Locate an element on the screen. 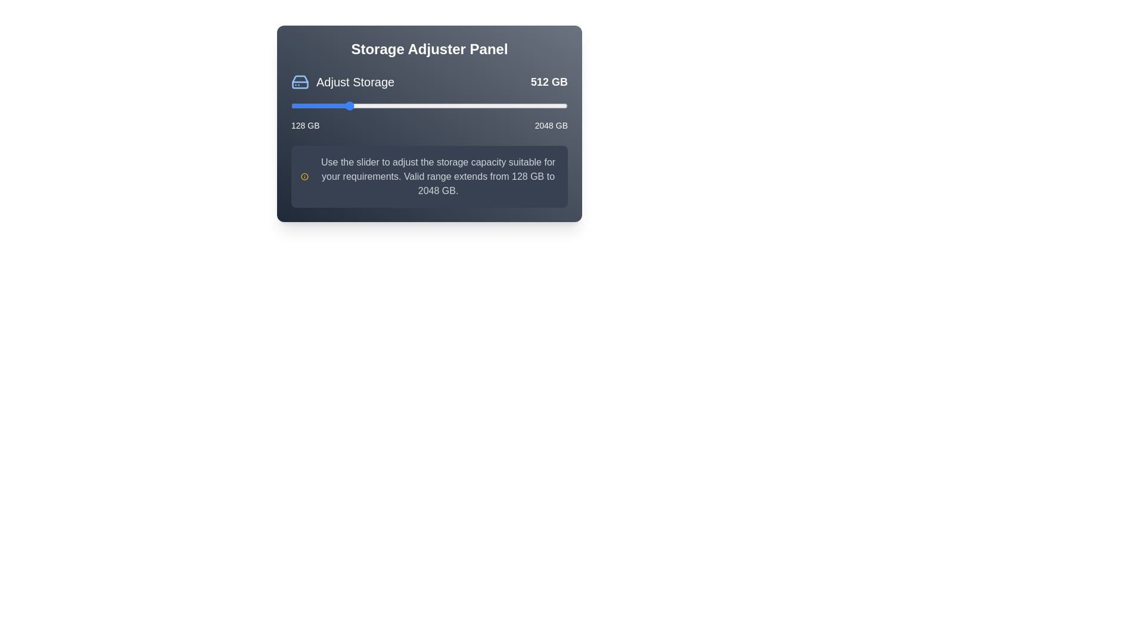 This screenshot has height=643, width=1144. the informative component displaying the current storage configuration labeled 'Adjust Storage' with the capacity '512 GB' is located at coordinates (429, 82).